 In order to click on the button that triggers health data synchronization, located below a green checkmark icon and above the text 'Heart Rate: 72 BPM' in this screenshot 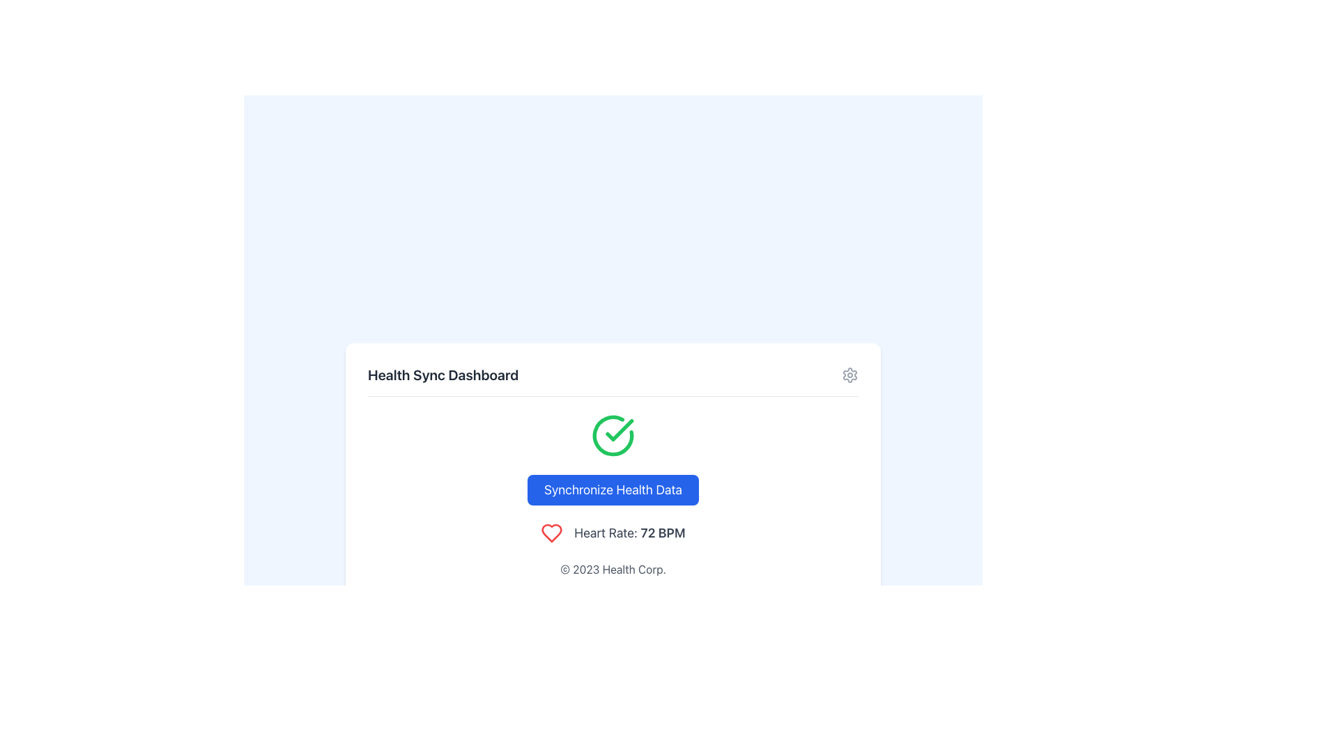, I will do `click(613, 489)`.